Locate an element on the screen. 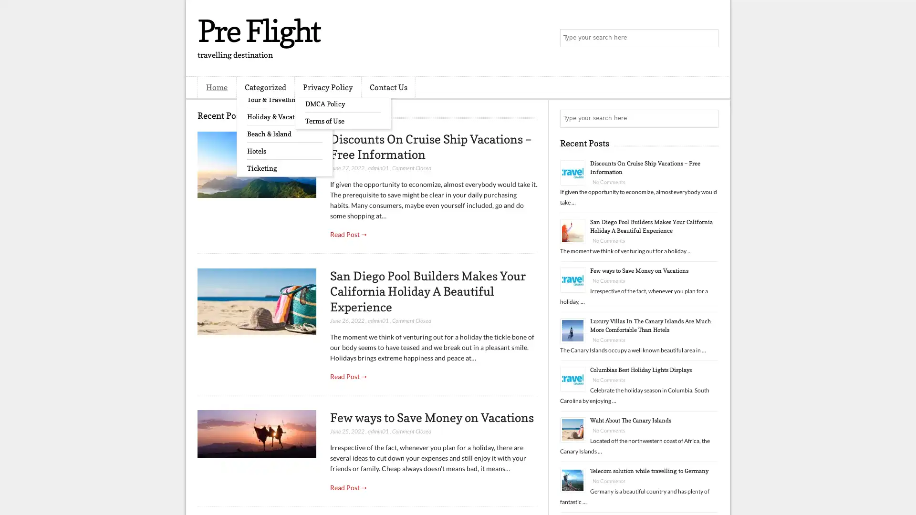 Image resolution: width=916 pixels, height=515 pixels. Search is located at coordinates (708, 118).